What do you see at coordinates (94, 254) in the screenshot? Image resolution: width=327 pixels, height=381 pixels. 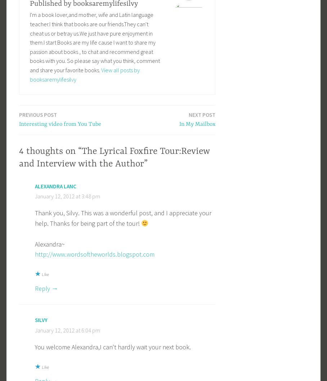 I see `'http://www.wordsoftheworlds.blogspot.com'` at bounding box center [94, 254].